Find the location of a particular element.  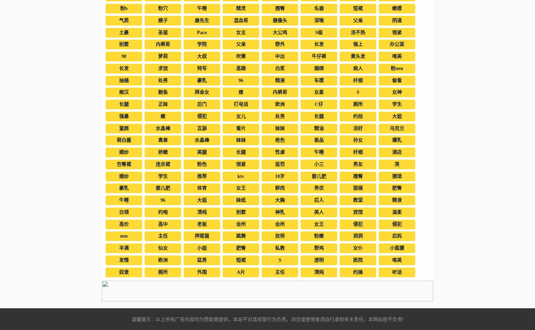

'18岁' is located at coordinates (279, 176).